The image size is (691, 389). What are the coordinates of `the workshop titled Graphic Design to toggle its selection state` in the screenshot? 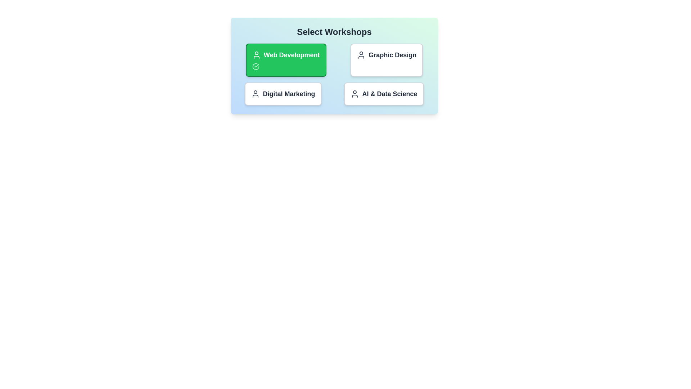 It's located at (386, 59).